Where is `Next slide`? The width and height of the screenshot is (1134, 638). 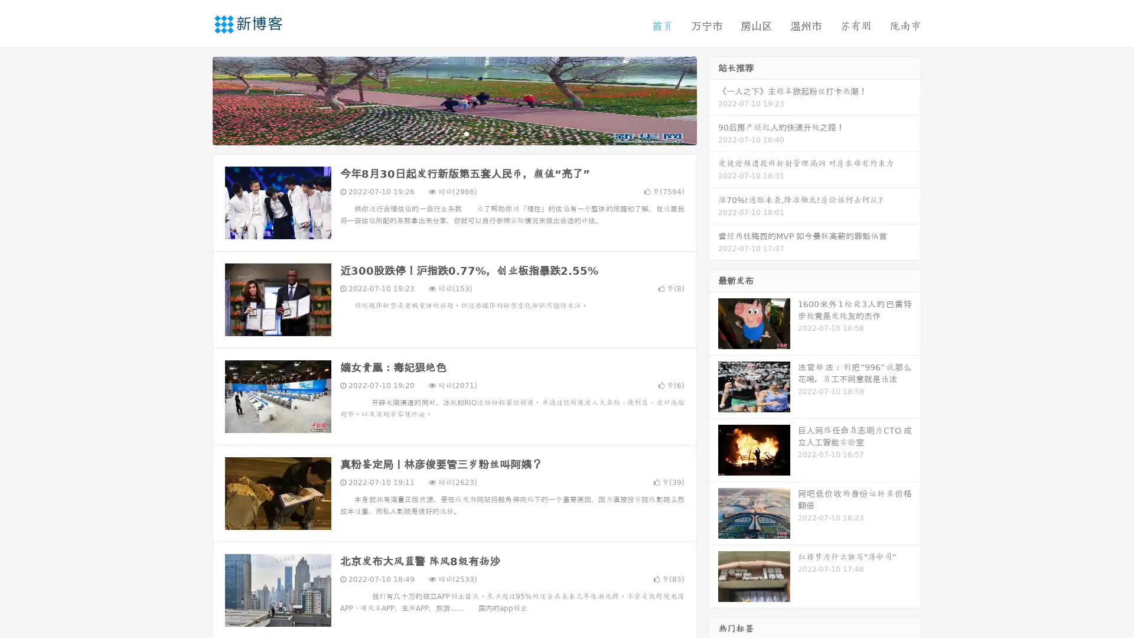
Next slide is located at coordinates (713, 99).